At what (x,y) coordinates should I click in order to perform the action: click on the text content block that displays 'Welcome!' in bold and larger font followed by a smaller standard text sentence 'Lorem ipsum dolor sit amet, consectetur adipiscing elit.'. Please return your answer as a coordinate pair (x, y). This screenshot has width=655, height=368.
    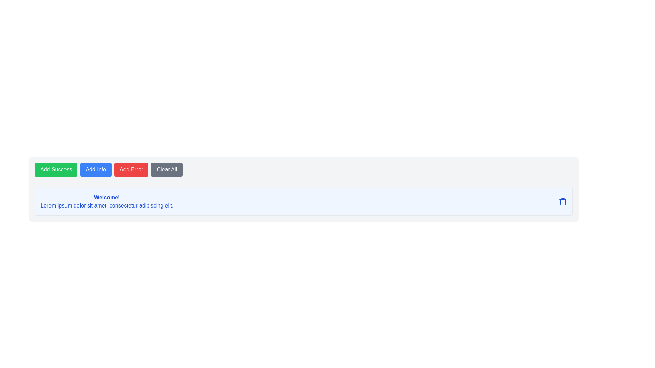
    Looking at the image, I should click on (106, 201).